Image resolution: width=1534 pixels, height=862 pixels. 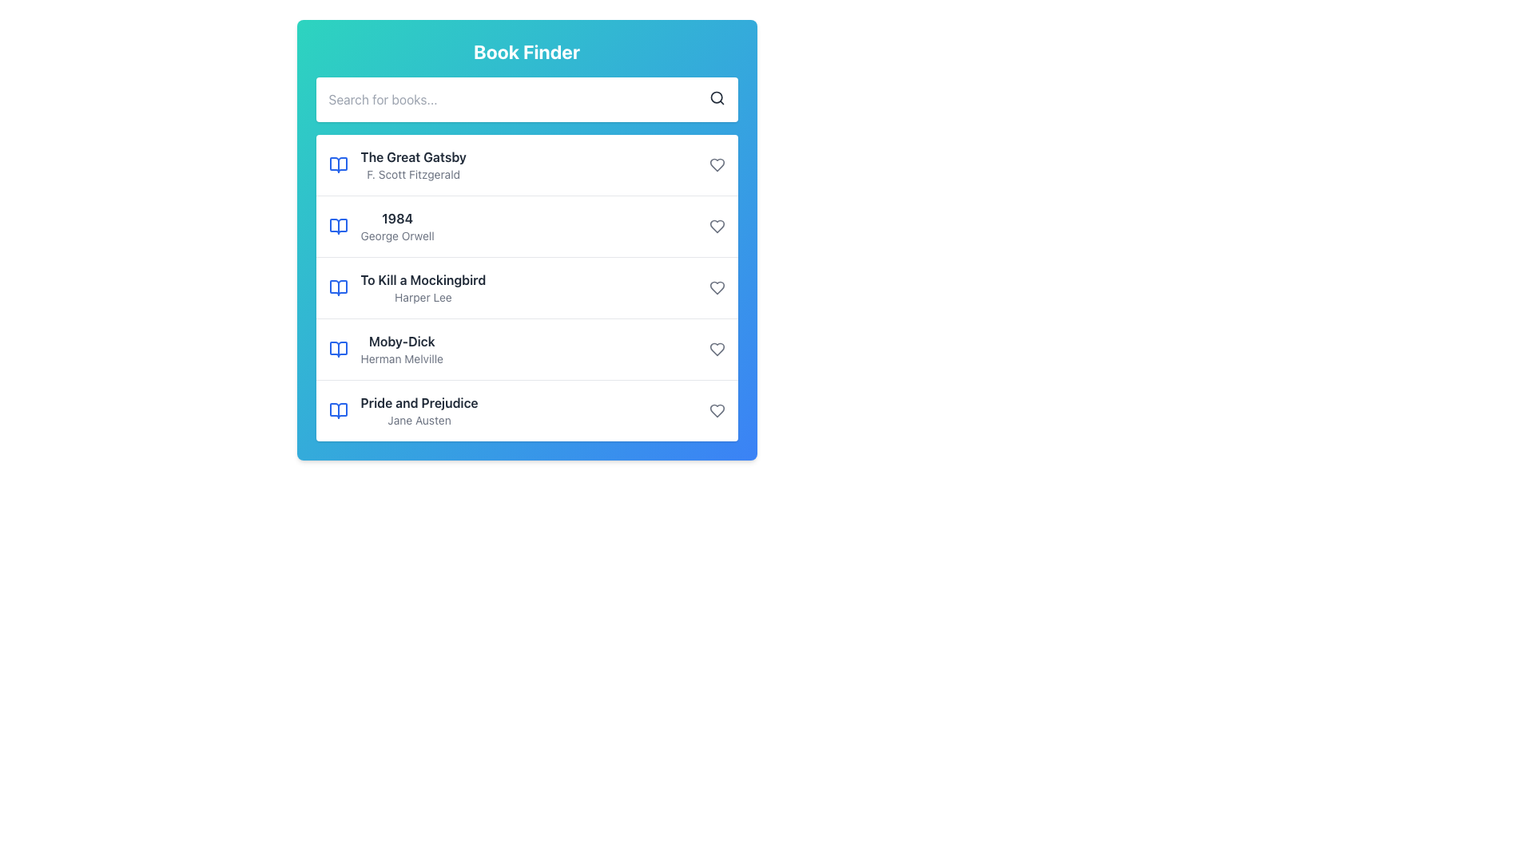 What do you see at coordinates (716, 227) in the screenshot?
I see `the favorite icon button for the book '1984' by George Orwell` at bounding box center [716, 227].